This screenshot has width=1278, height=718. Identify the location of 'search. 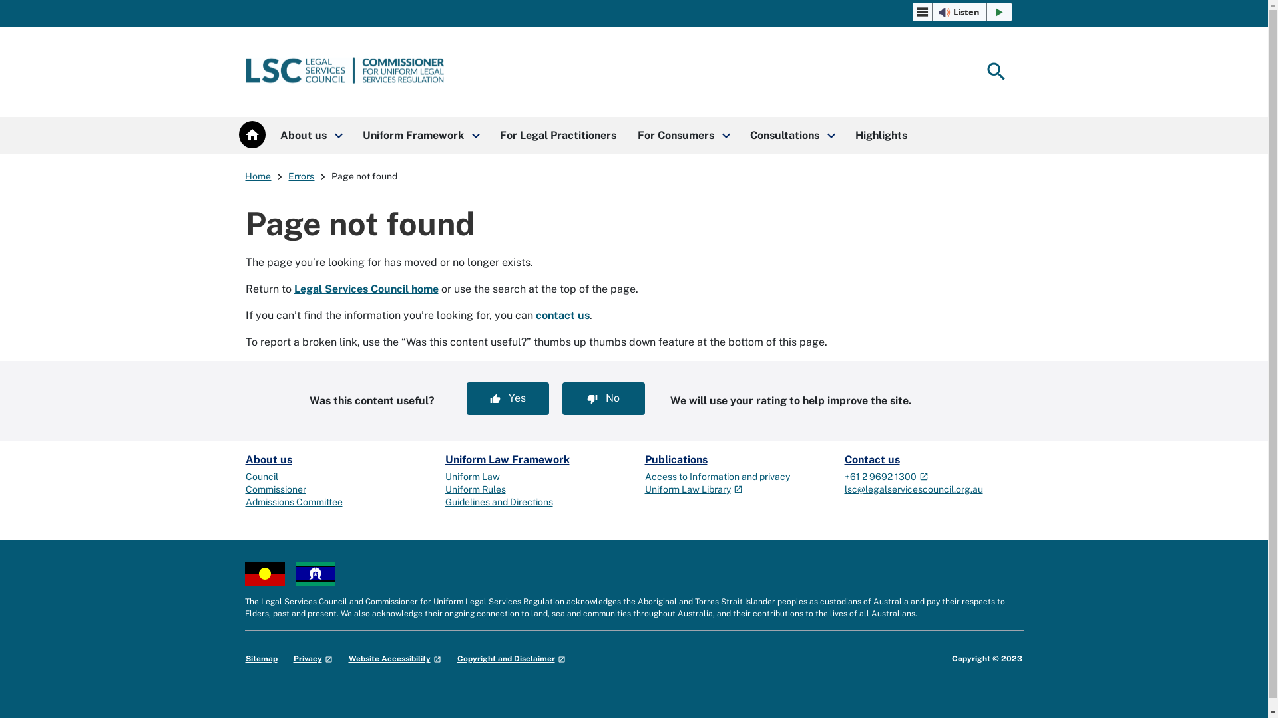
(980, 72).